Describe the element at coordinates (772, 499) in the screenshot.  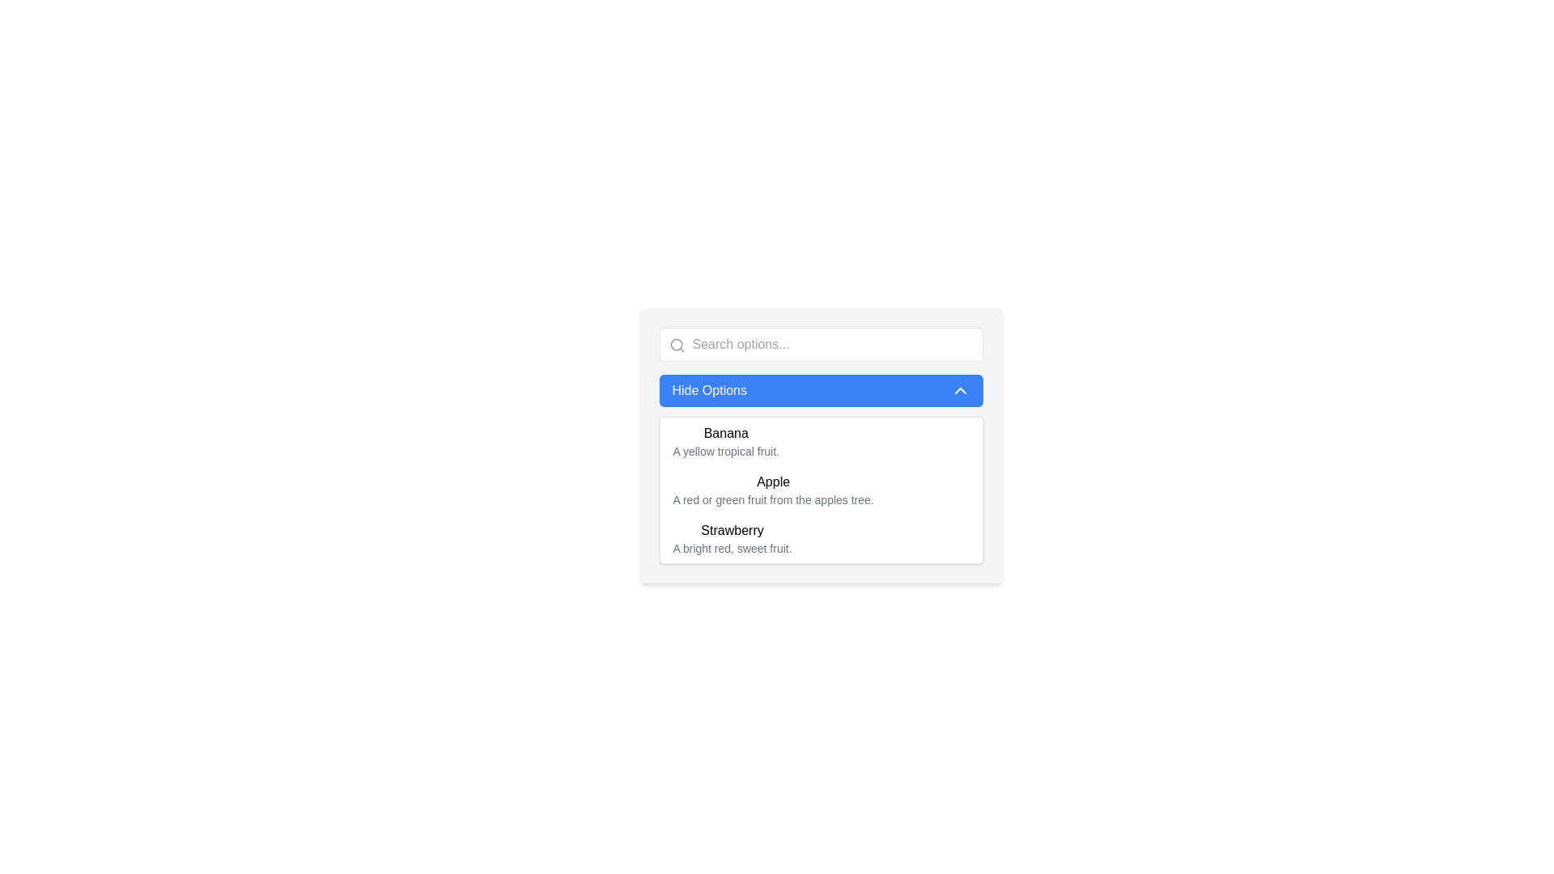
I see `descriptive text located directly beneath the 'Apple' title in the dropdown list, which provides additional contextual information about 'Apple' as a selectable option` at that location.